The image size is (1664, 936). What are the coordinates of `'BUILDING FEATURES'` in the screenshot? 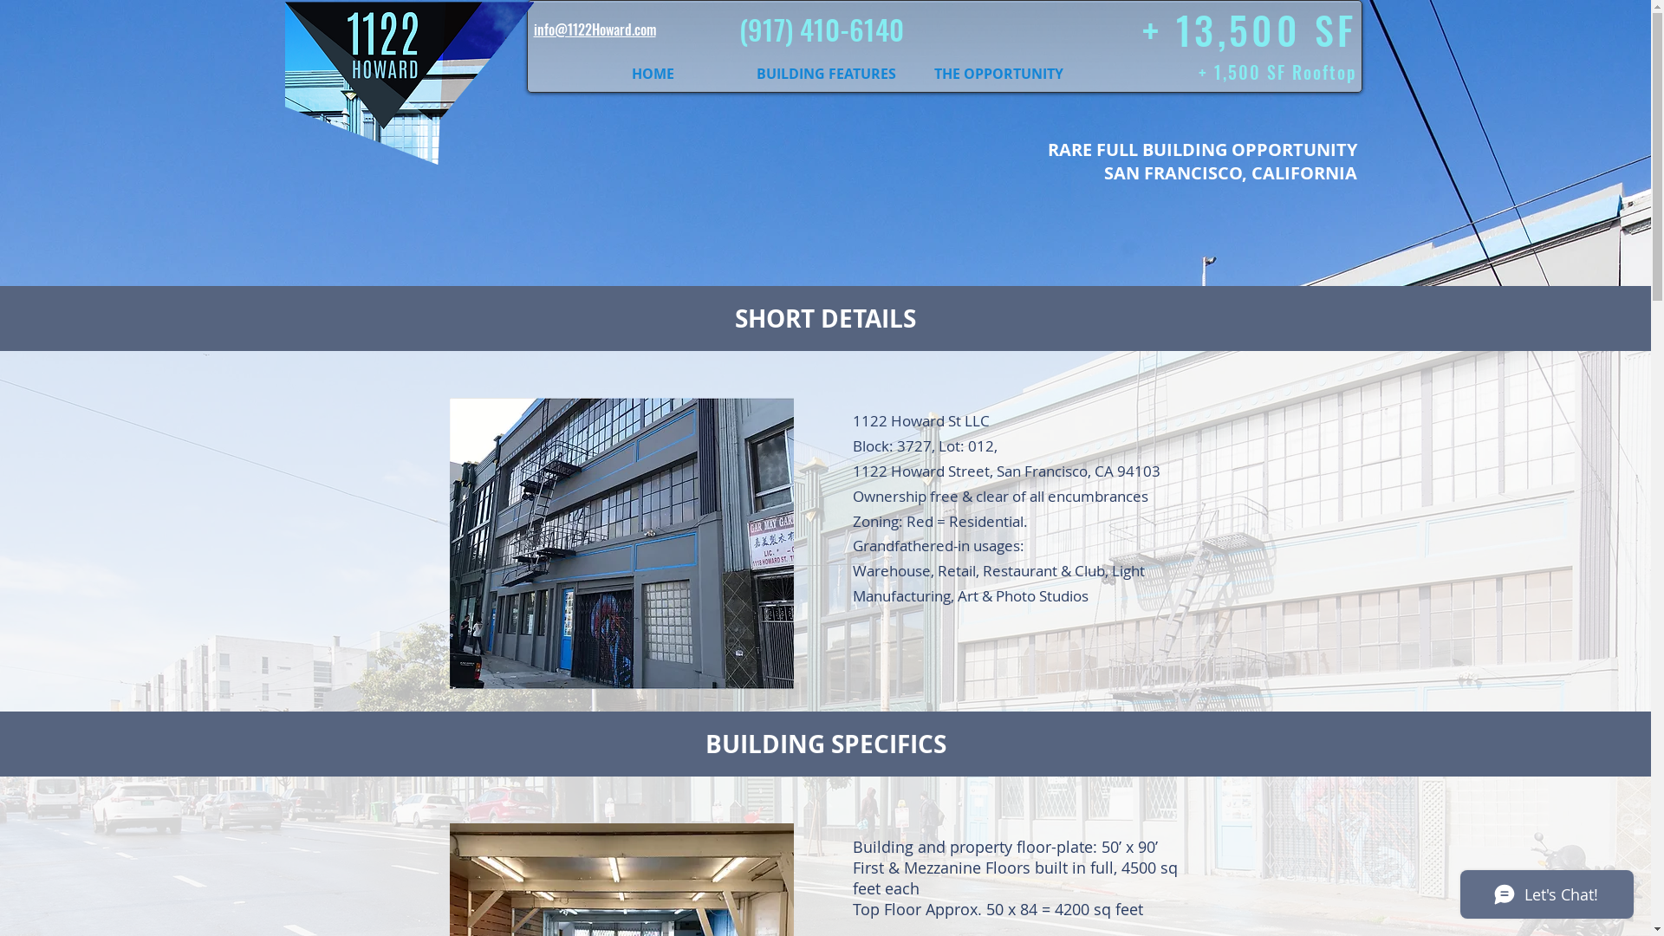 It's located at (825, 72).